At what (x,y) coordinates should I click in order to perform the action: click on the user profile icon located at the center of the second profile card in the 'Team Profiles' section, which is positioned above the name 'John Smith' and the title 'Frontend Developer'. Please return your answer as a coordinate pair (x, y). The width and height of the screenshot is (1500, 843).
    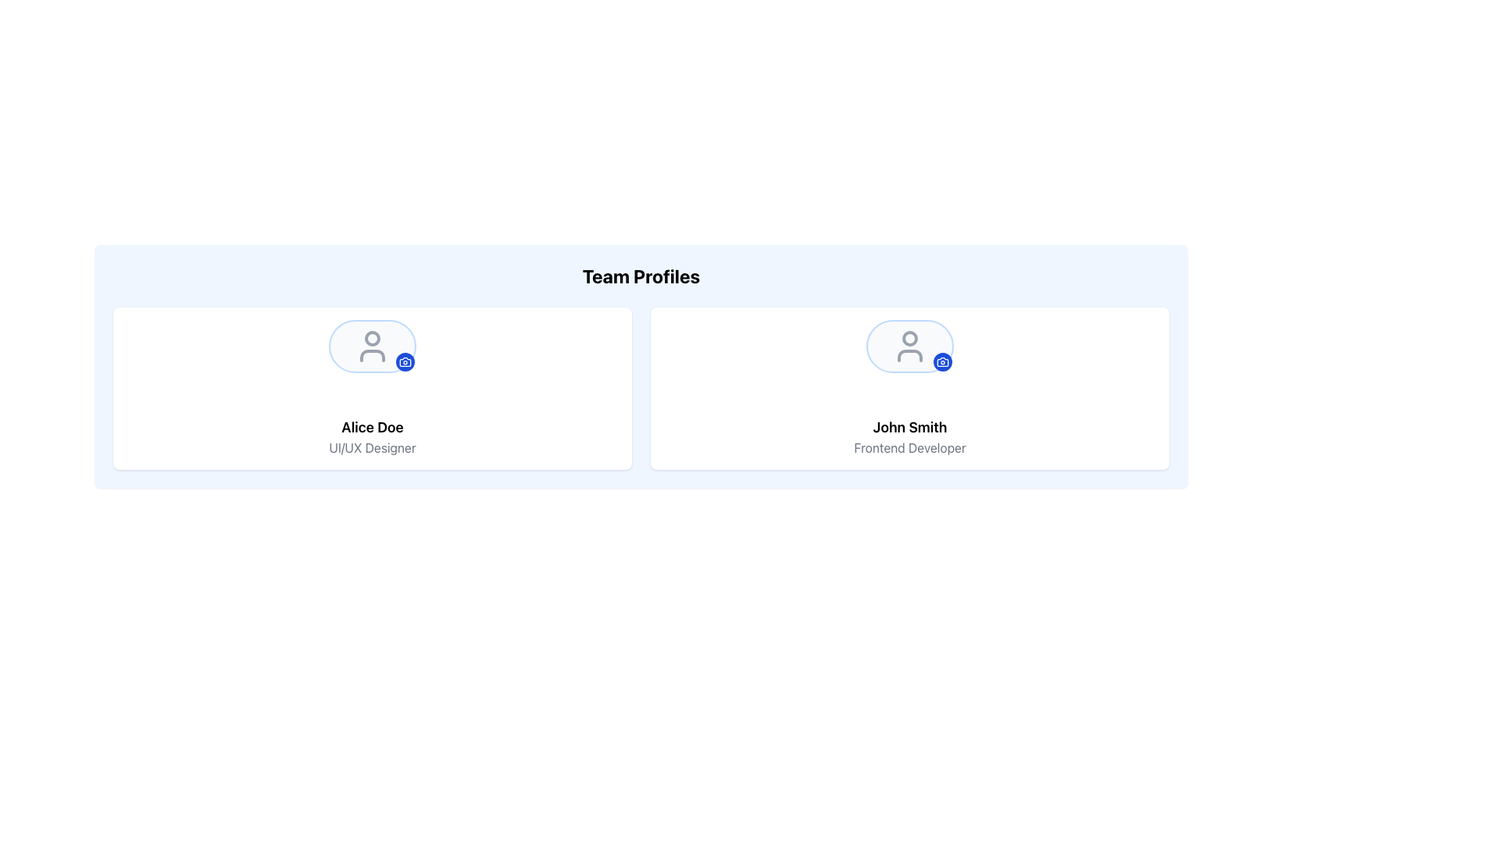
    Looking at the image, I should click on (910, 345).